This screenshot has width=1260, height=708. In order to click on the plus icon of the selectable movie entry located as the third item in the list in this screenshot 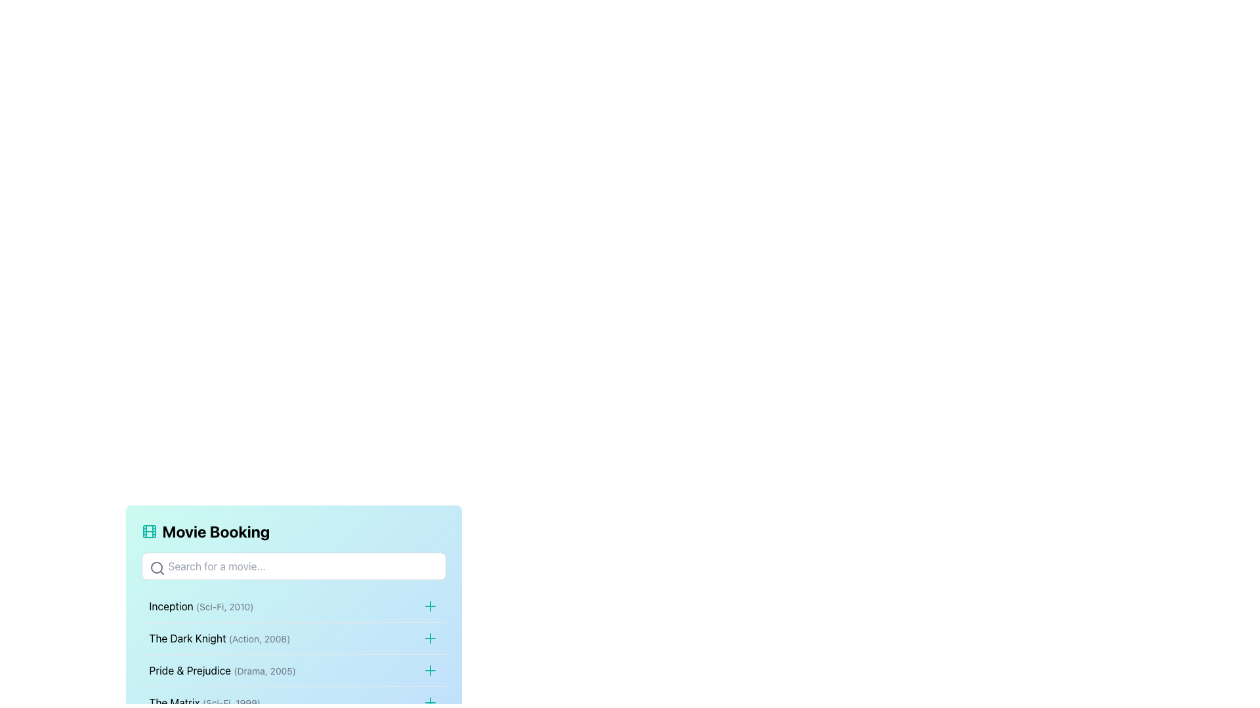, I will do `click(293, 670)`.